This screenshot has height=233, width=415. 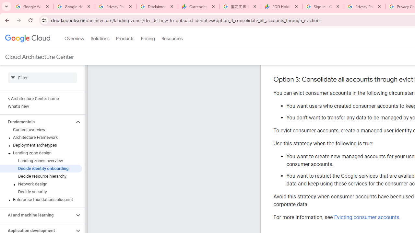 What do you see at coordinates (125, 39) in the screenshot?
I see `'Products'` at bounding box center [125, 39].